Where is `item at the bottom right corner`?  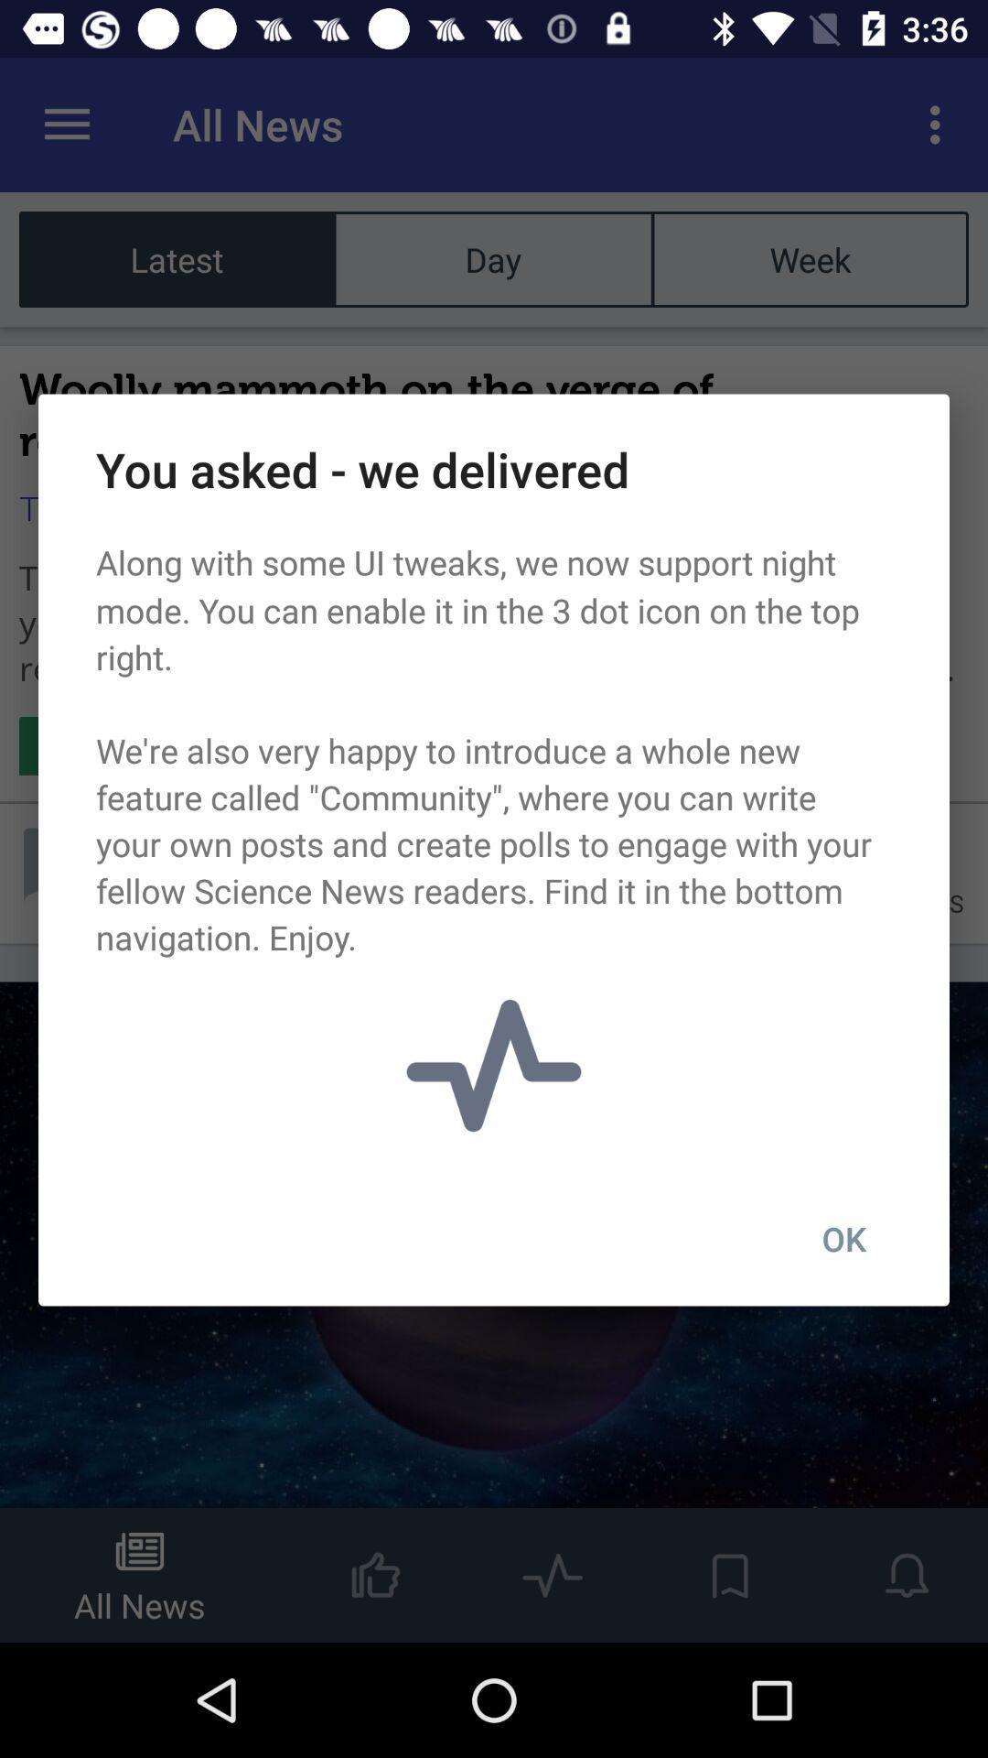
item at the bottom right corner is located at coordinates (843, 1239).